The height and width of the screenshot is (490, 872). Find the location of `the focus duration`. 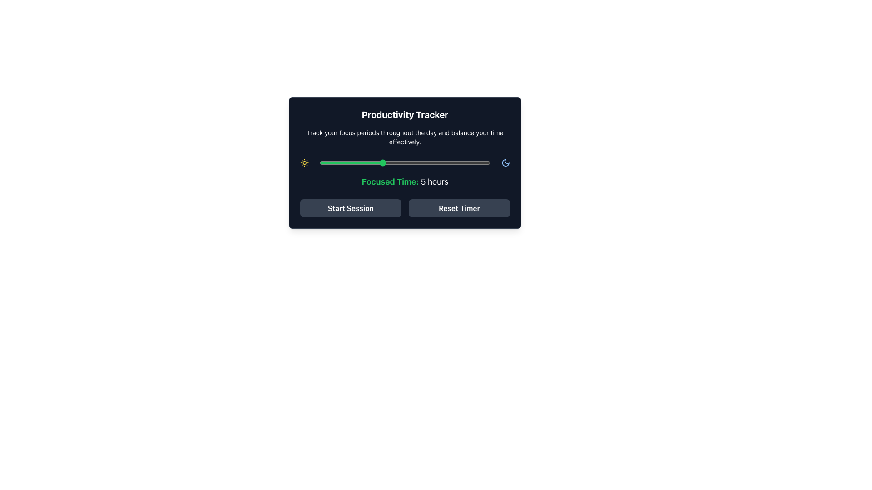

the focus duration is located at coordinates (320, 162).